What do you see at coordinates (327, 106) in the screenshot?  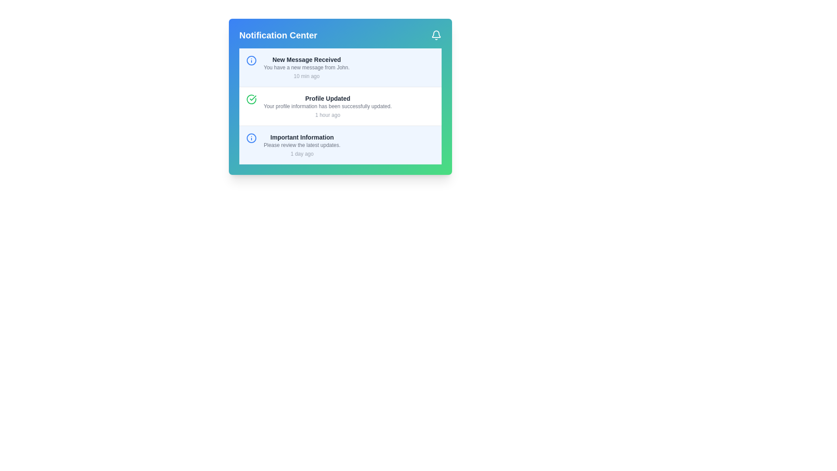 I see `message displayed in the text label that shows 'Your profile information has been successfully updated.', which is located in the notification card beneath the bold title 'Profile Updated'` at bounding box center [327, 106].